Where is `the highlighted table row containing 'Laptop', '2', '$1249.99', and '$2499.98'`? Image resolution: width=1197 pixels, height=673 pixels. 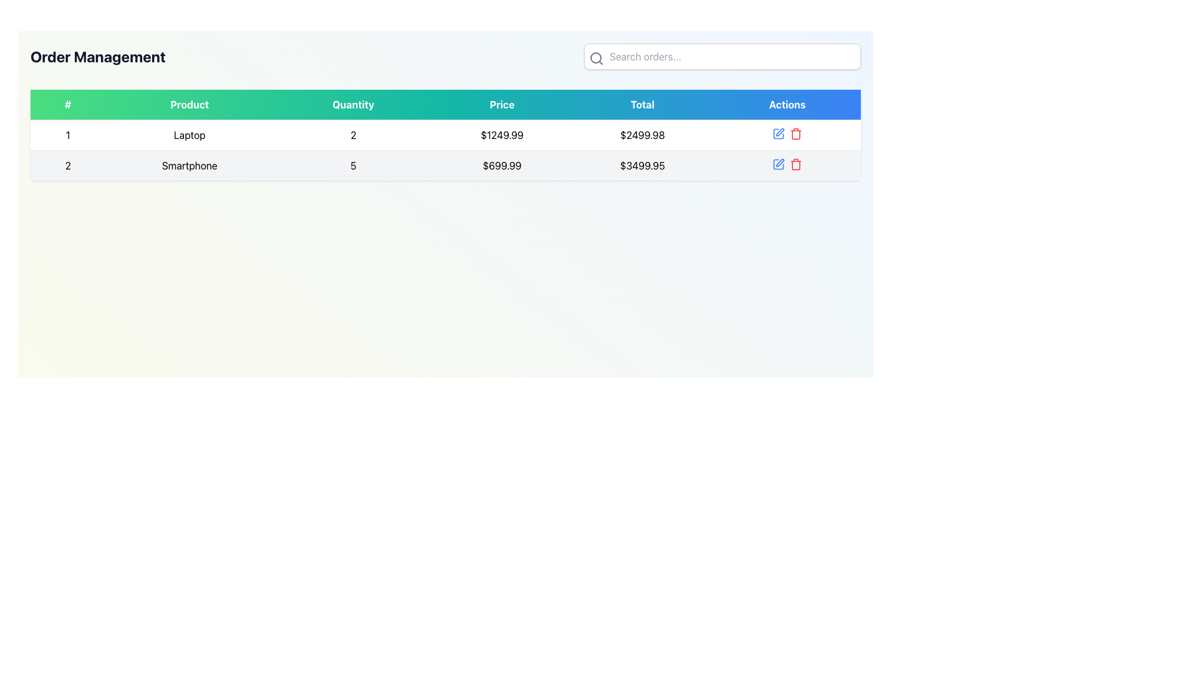
the highlighted table row containing 'Laptop', '2', '$1249.99', and '$2499.98' is located at coordinates (446, 135).